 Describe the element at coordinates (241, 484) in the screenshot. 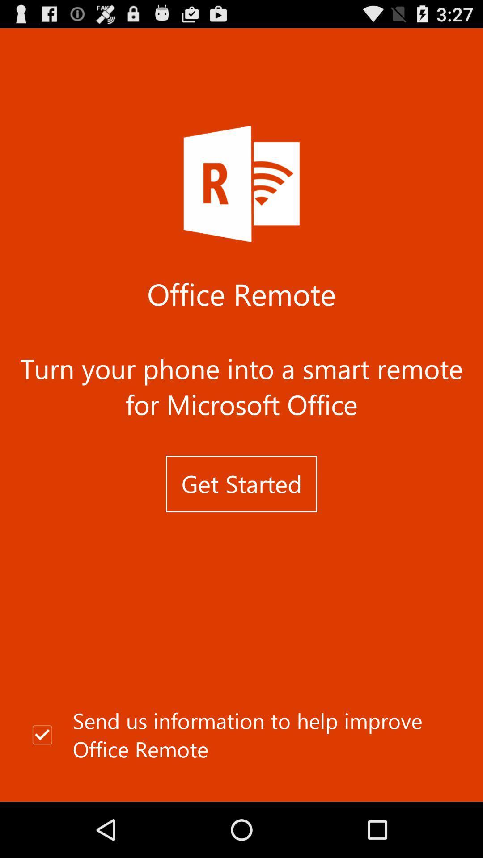

I see `the get started item` at that location.